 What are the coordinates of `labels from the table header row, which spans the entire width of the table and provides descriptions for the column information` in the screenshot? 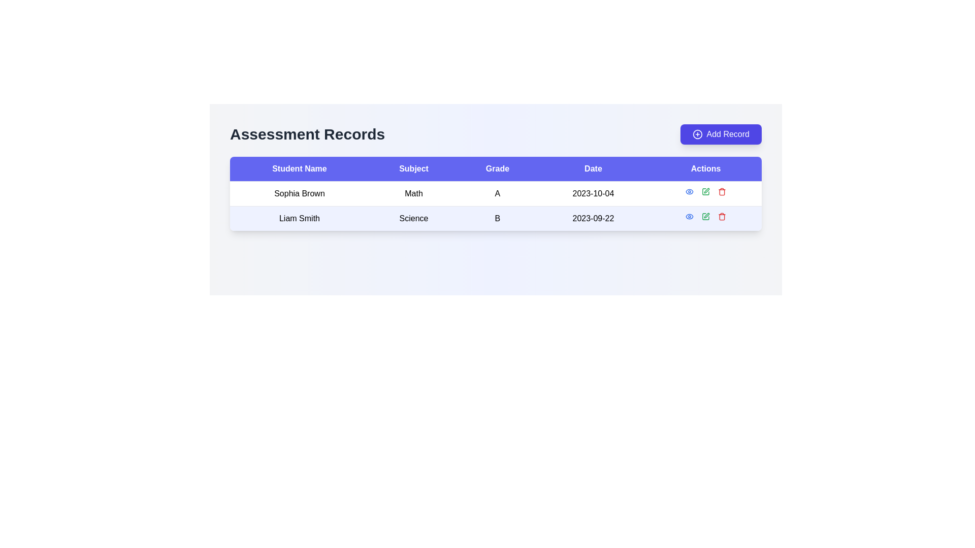 It's located at (496, 168).